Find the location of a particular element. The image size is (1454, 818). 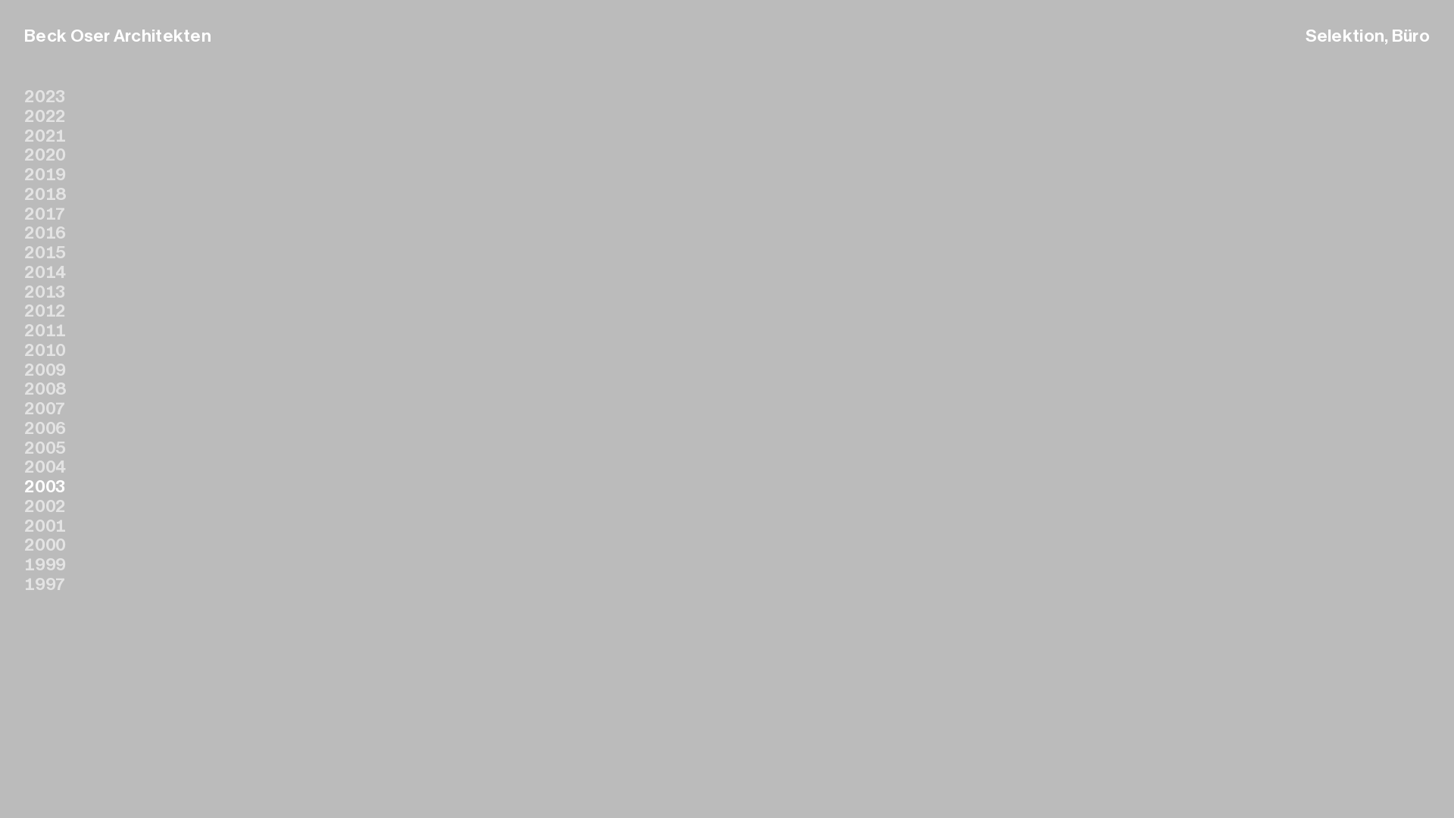

'2008' is located at coordinates (45, 388).